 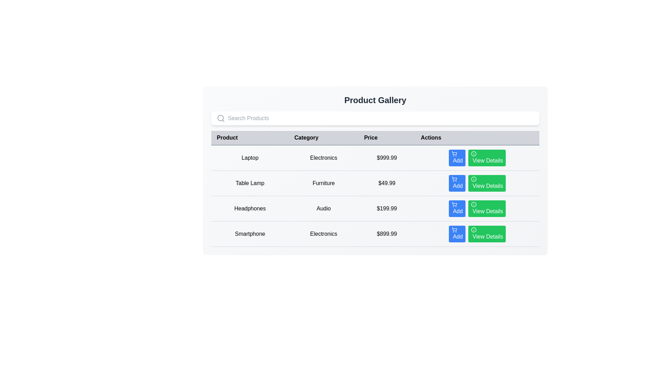 I want to click on the price display element showing '$999.99', which is located in the third column of the first row of a table, adjacent to 'Laptop' and 'Electronics', so click(x=386, y=158).